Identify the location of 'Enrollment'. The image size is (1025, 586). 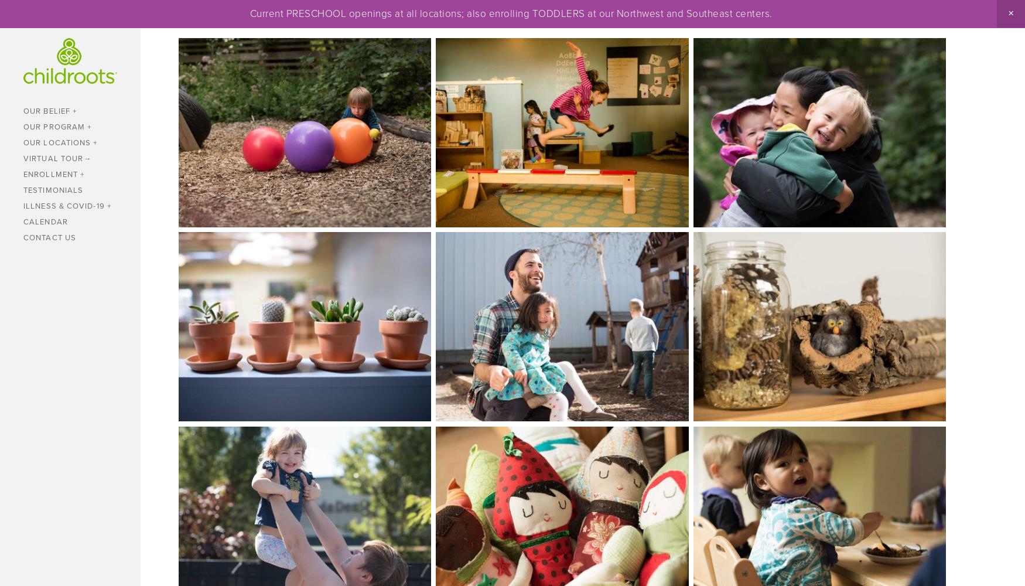
(50, 174).